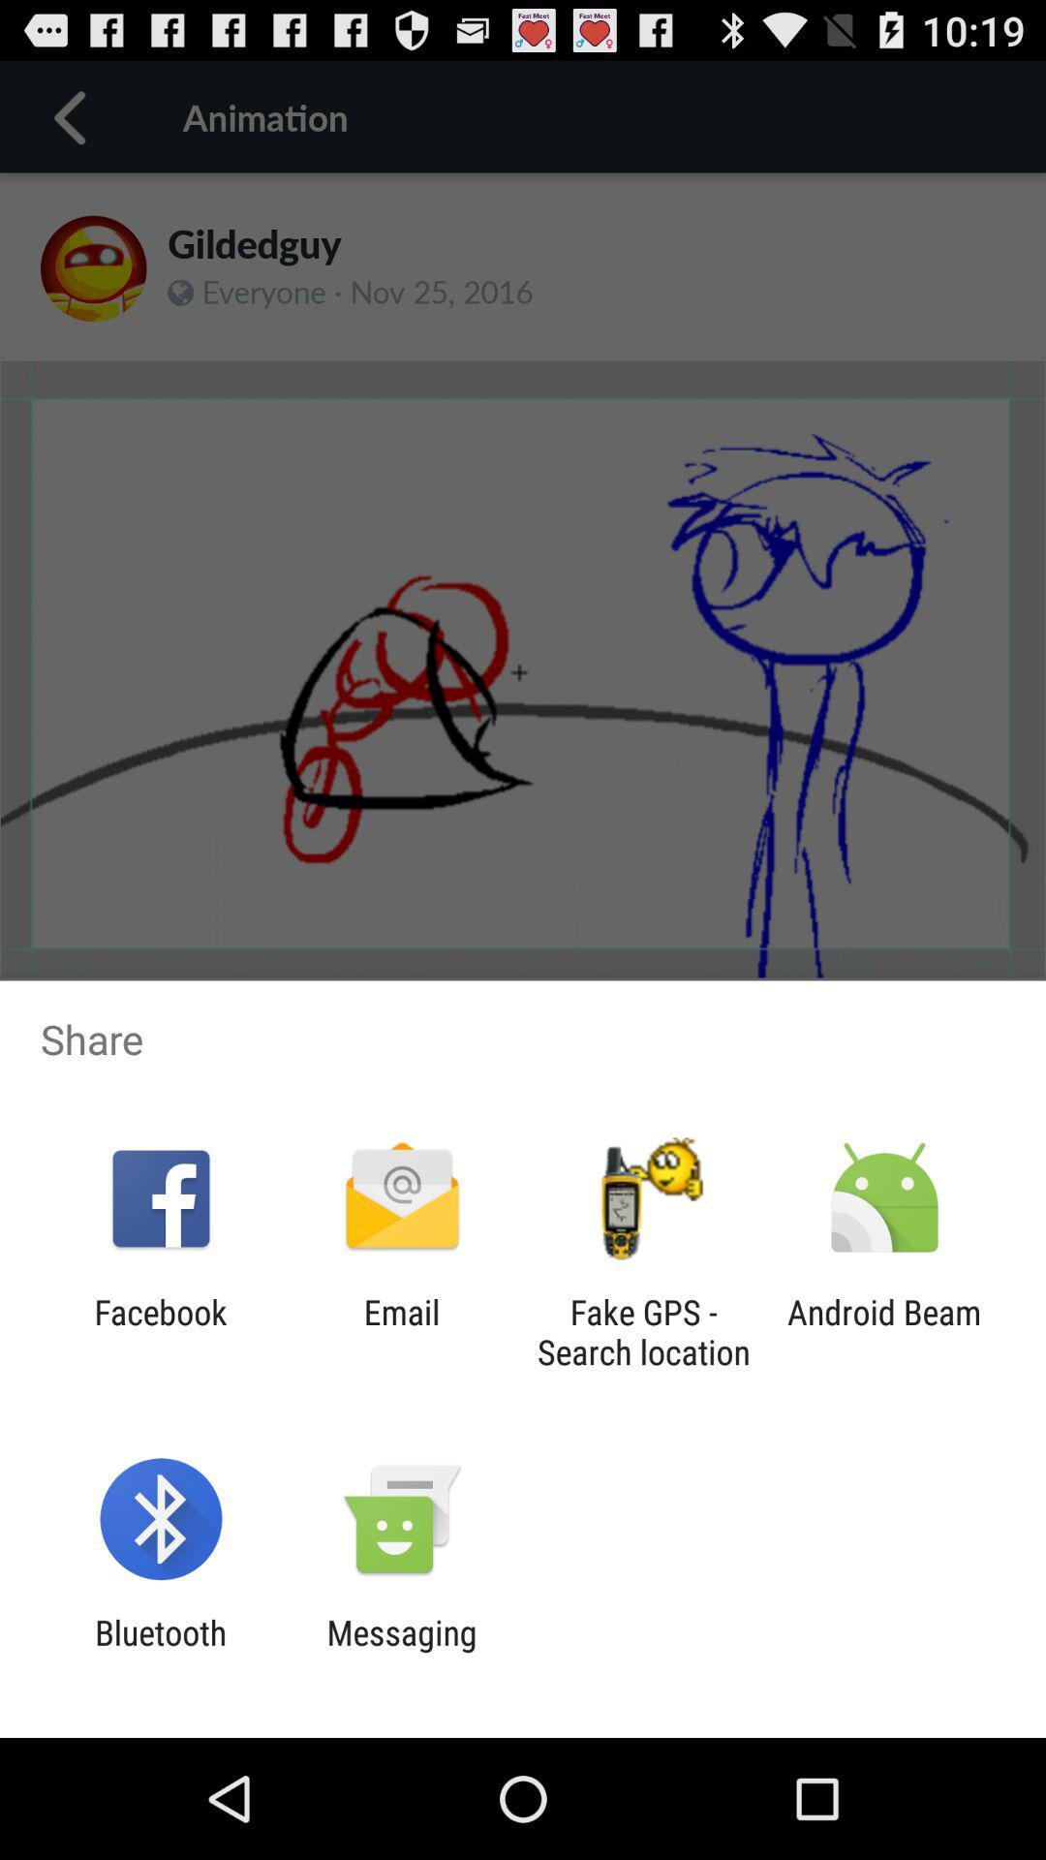  What do you see at coordinates (884, 1331) in the screenshot?
I see `icon to the right of fake gps search` at bounding box center [884, 1331].